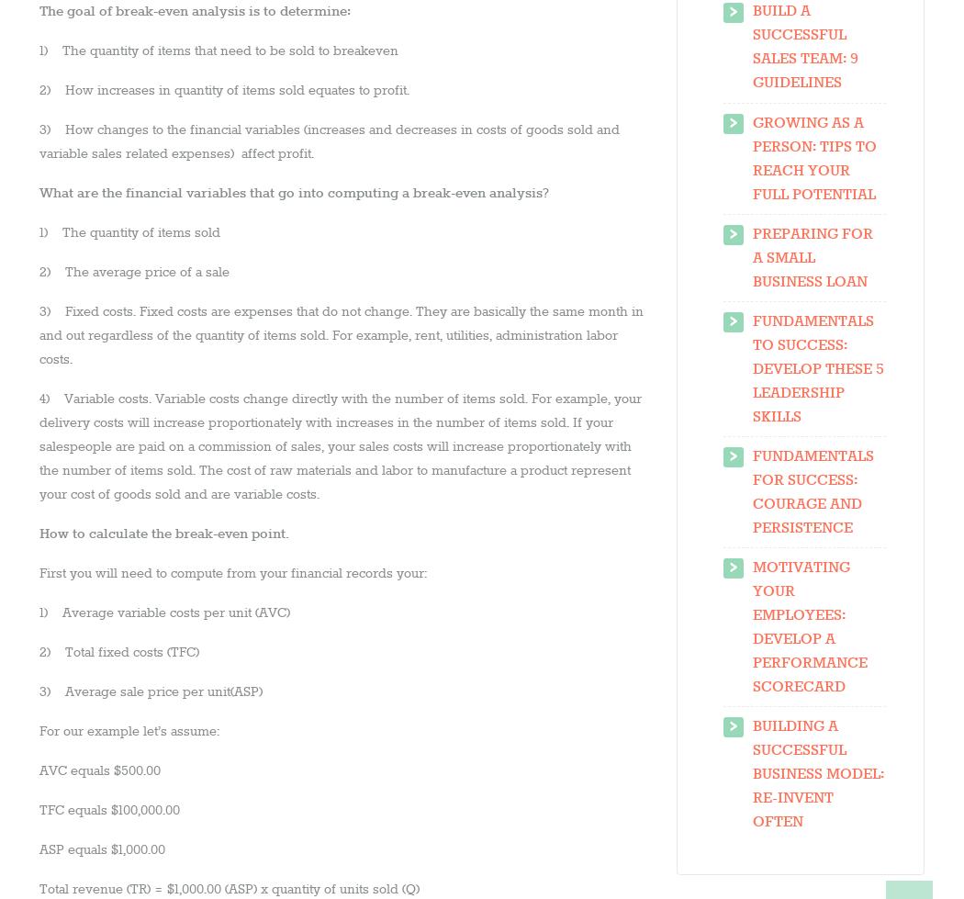 This screenshot has height=899, width=964. I want to click on 'AVC equals $500.00', so click(99, 770).